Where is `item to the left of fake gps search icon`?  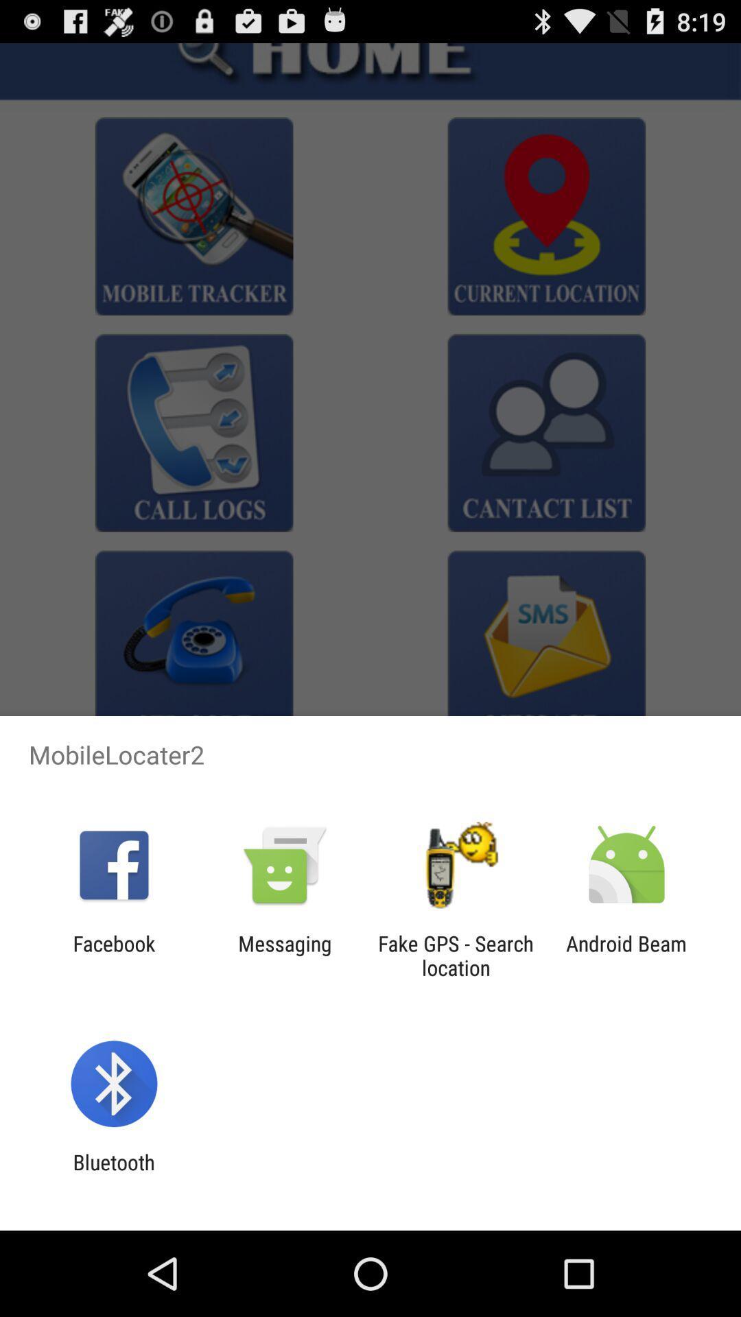 item to the left of fake gps search icon is located at coordinates (284, 955).